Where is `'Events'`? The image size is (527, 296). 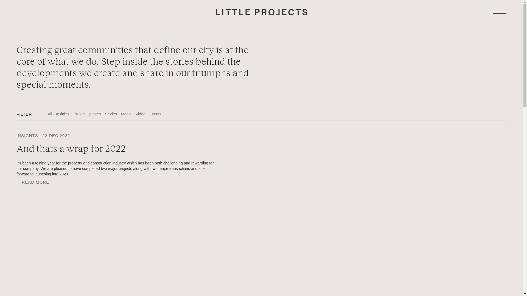
'Events' is located at coordinates (155, 114).